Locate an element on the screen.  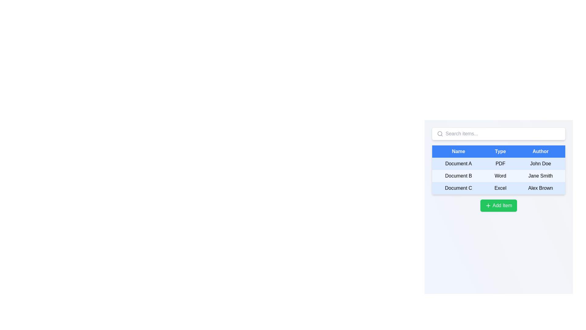
the text label displaying 'Document B' located in the second row of the table under the 'Name' column, which has a light blue background and is to the left of the 'Type' column is located at coordinates (458, 176).